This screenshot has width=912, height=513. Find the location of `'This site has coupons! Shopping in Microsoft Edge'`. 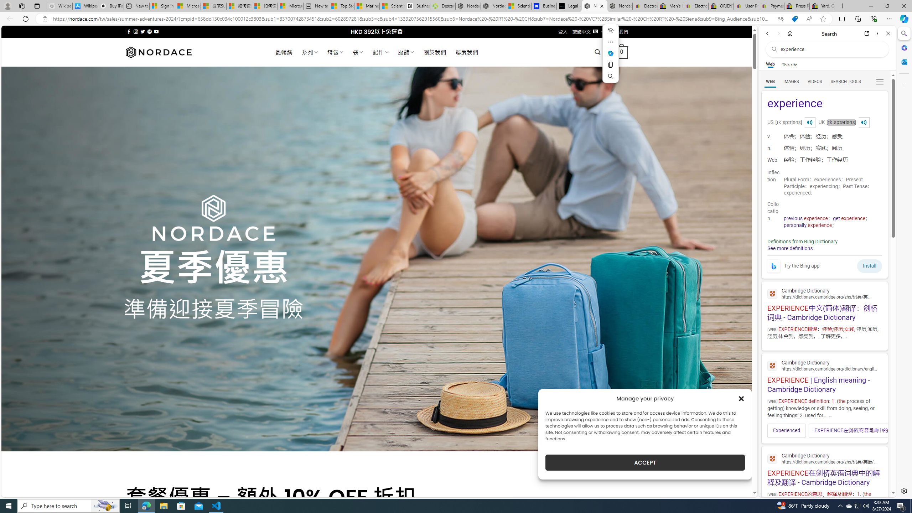

'This site has coupons! Shopping in Microsoft Edge' is located at coordinates (794, 19).